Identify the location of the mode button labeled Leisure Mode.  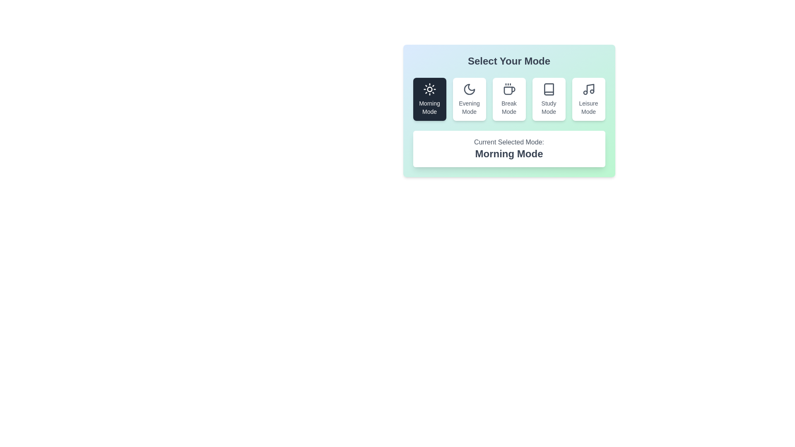
(588, 99).